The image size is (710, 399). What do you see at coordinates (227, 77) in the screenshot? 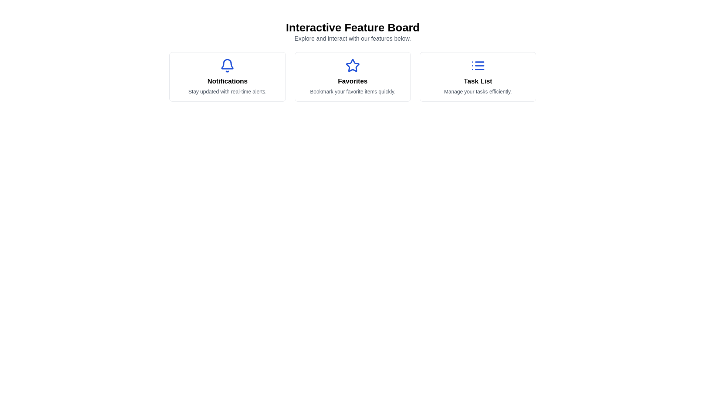
I see `the Feature card titled 'Notifications' which has a blue bell icon at the top and a white background with rounded corners` at bounding box center [227, 77].